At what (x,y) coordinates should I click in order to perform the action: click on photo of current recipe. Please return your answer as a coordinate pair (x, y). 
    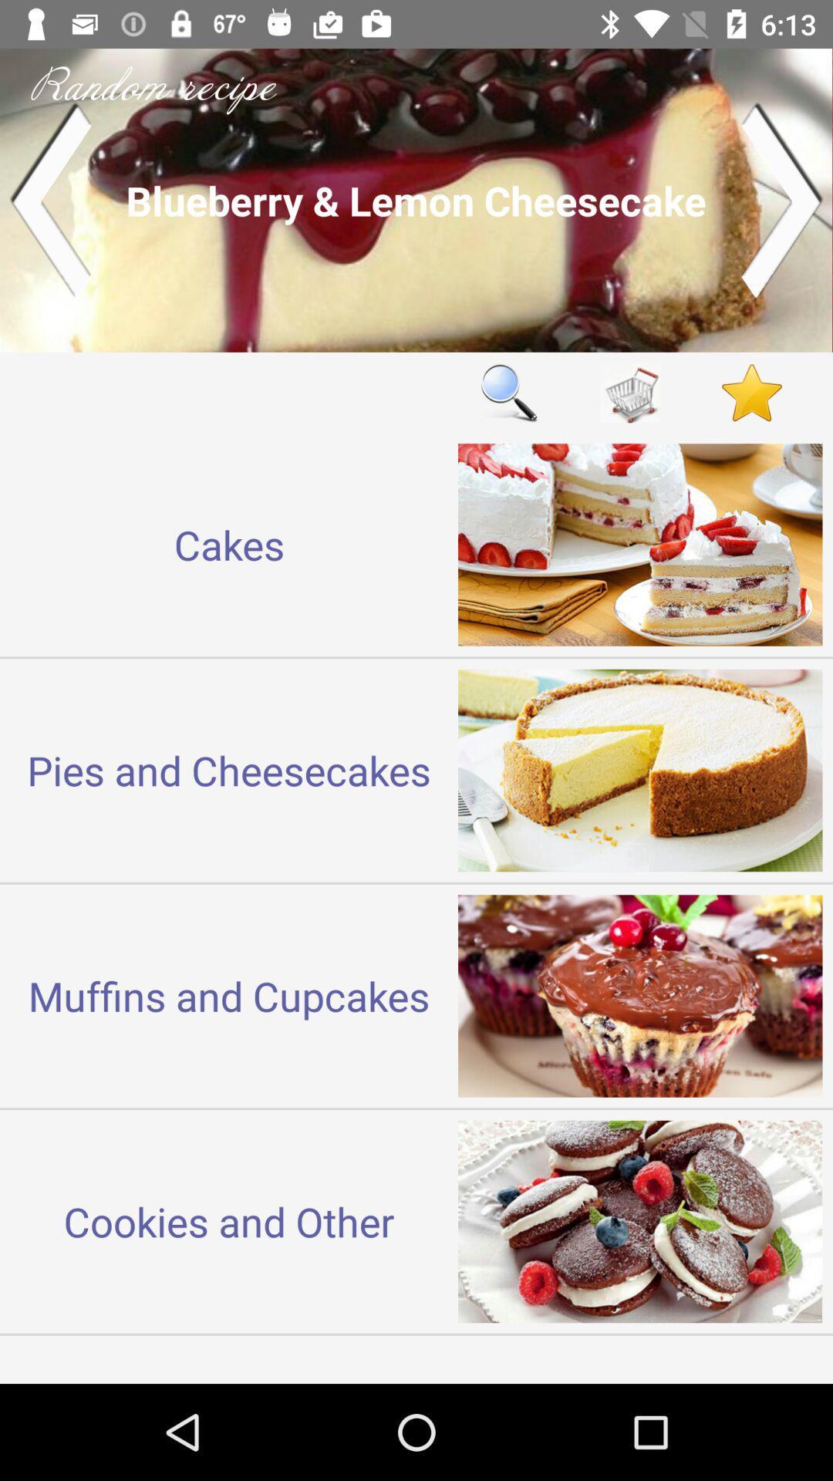
    Looking at the image, I should click on (416, 199).